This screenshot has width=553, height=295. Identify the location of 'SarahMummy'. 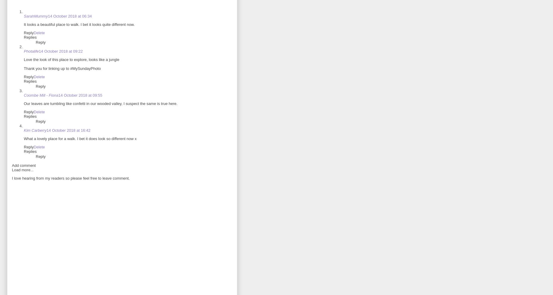
(36, 16).